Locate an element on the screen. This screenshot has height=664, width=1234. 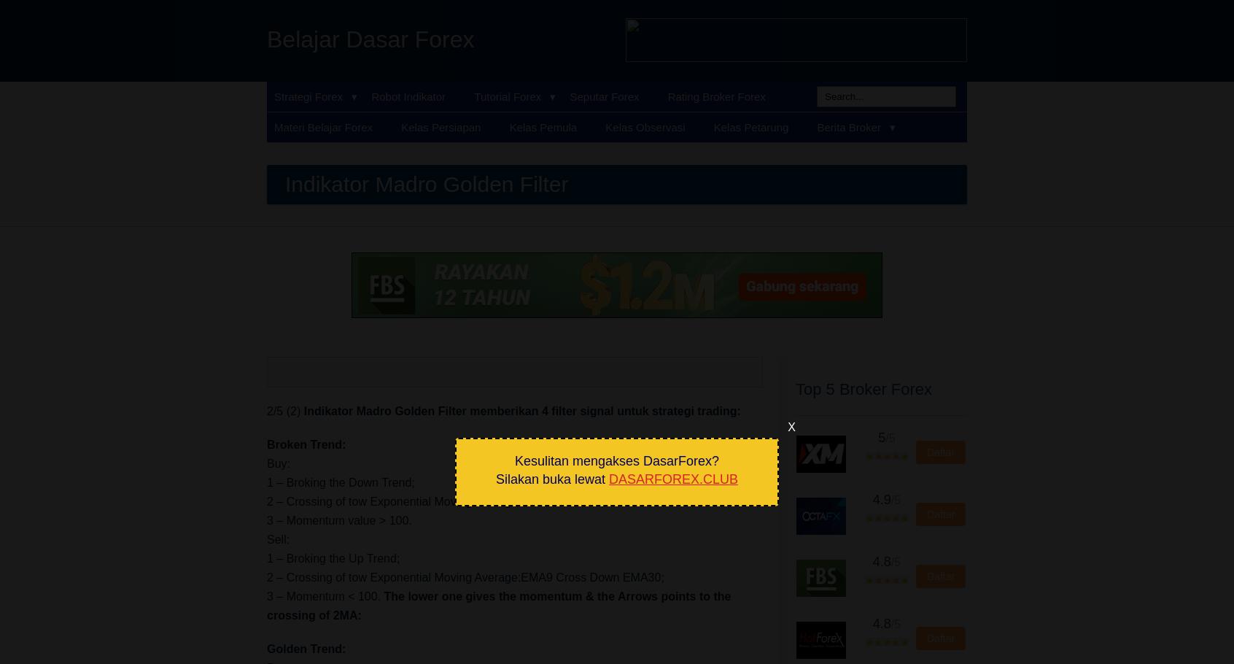
'Buy:' is located at coordinates (279, 463).